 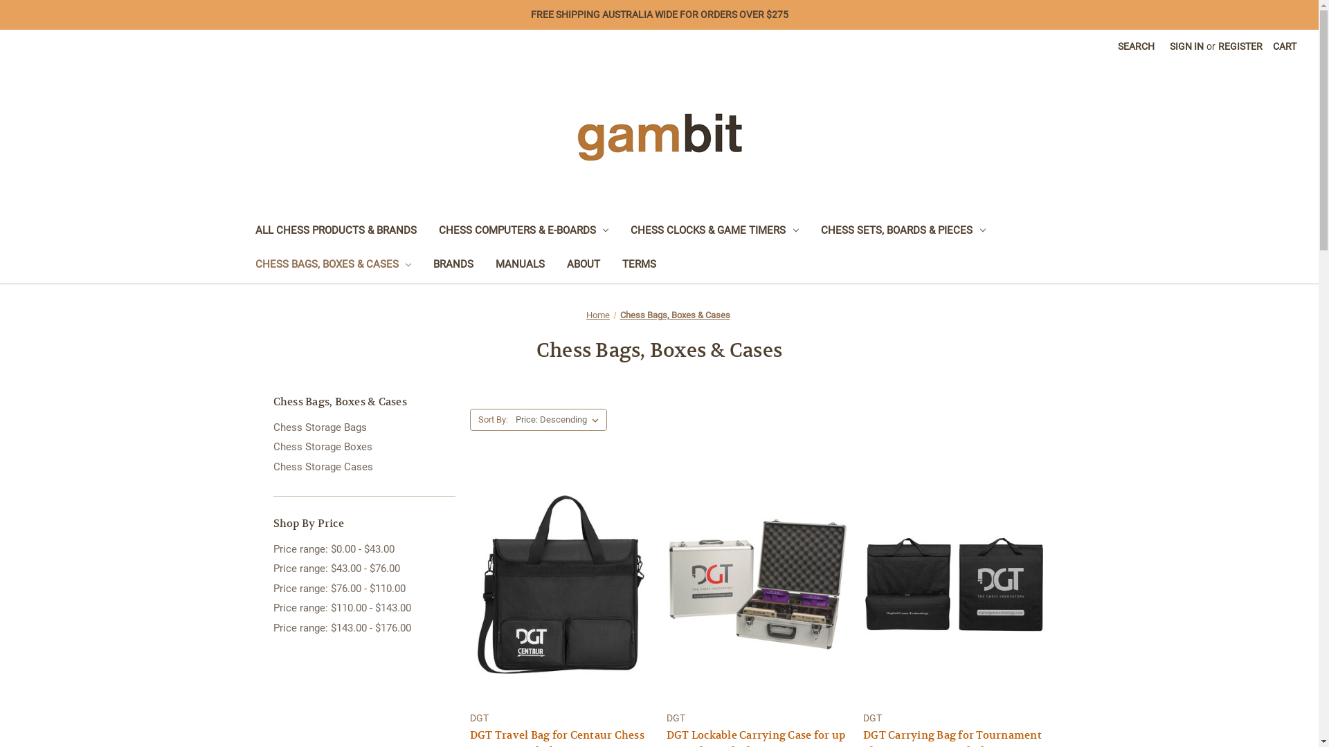 What do you see at coordinates (714, 231) in the screenshot?
I see `'CHESS CLOCKS & GAME TIMERS'` at bounding box center [714, 231].